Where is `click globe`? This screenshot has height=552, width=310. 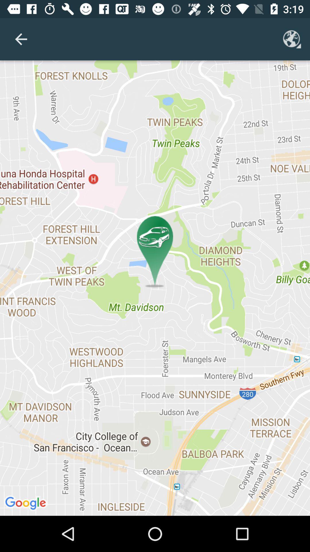 click globe is located at coordinates (292, 39).